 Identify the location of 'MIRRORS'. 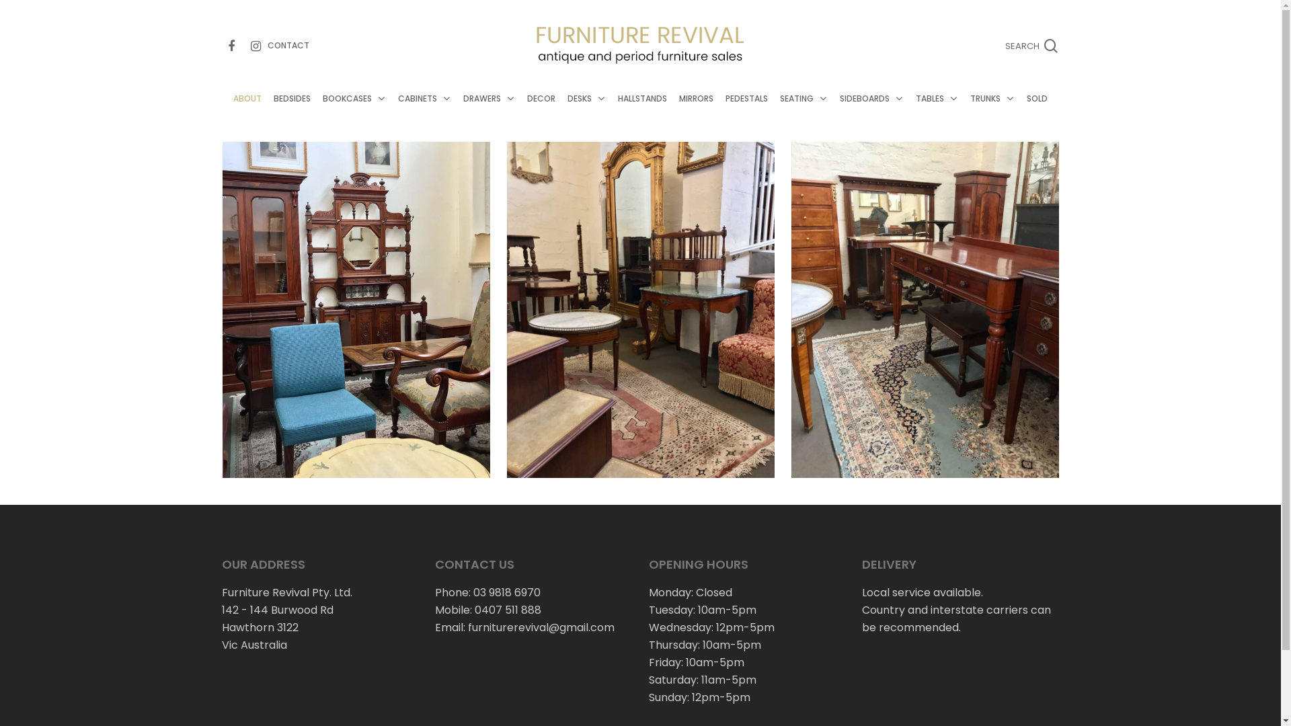
(696, 111).